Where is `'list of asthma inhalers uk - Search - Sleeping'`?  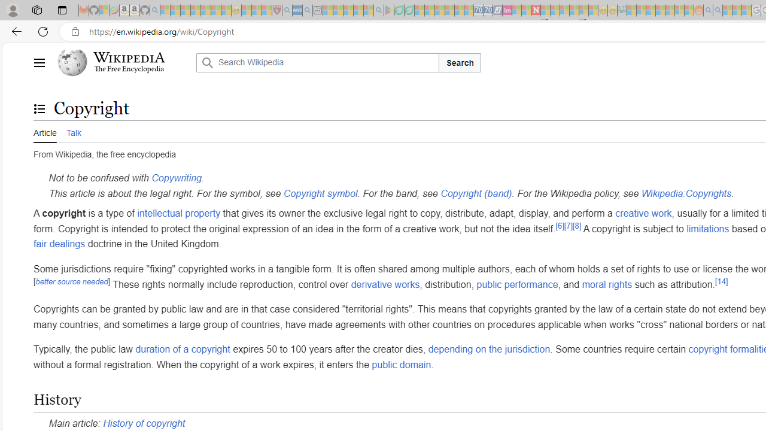 'list of asthma inhalers uk - Search - Sleeping' is located at coordinates (287, 10).